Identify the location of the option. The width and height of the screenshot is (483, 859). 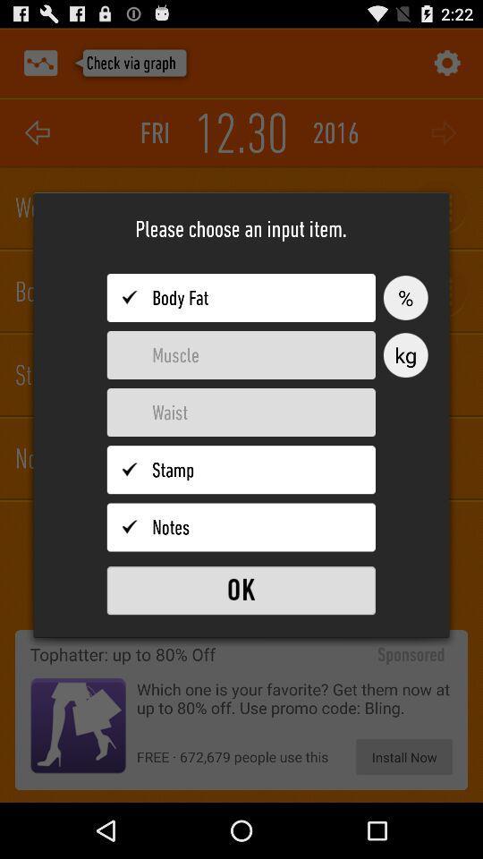
(241, 354).